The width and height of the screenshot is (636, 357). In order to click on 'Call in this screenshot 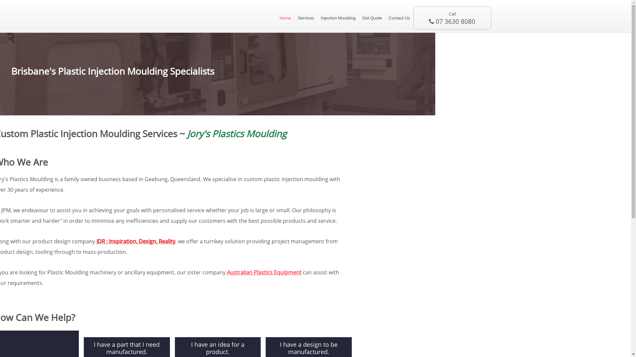, I will do `click(452, 18)`.